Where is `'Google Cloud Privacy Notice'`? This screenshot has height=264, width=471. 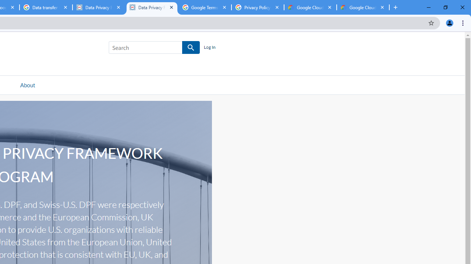
'Google Cloud Privacy Notice' is located at coordinates (310, 7).